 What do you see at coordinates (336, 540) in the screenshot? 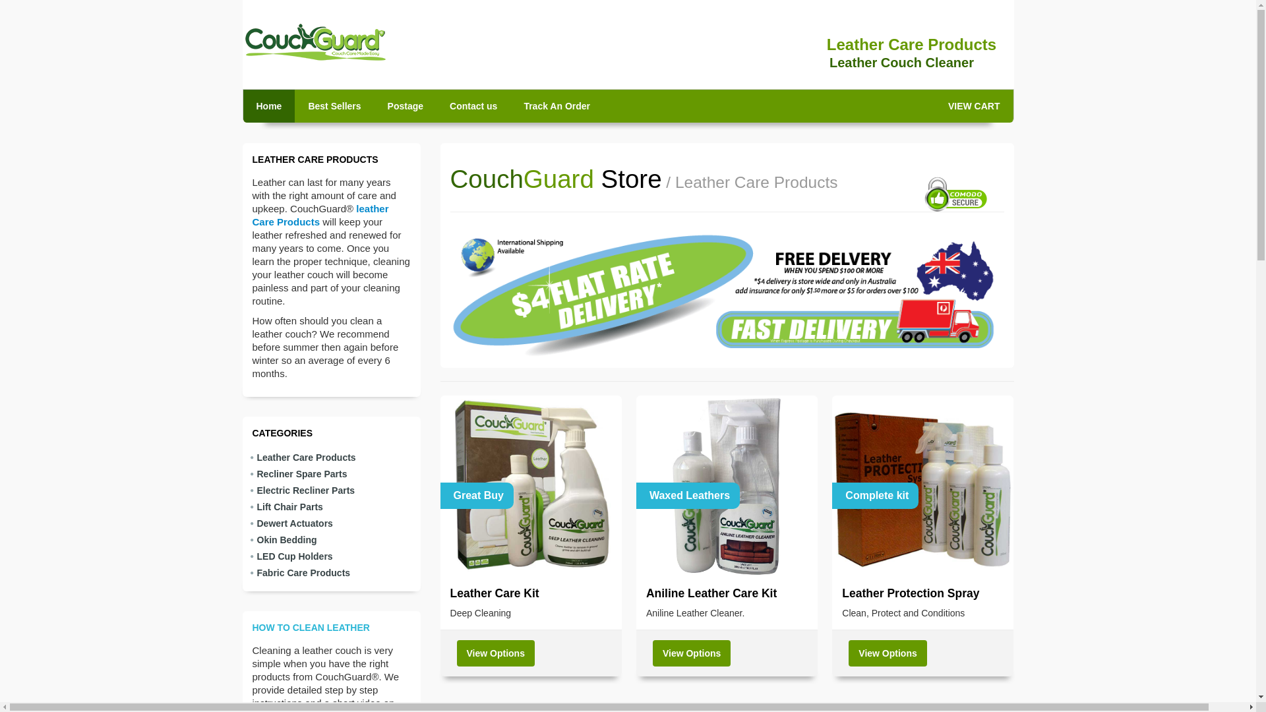
I see `'Okin Bedding'` at bounding box center [336, 540].